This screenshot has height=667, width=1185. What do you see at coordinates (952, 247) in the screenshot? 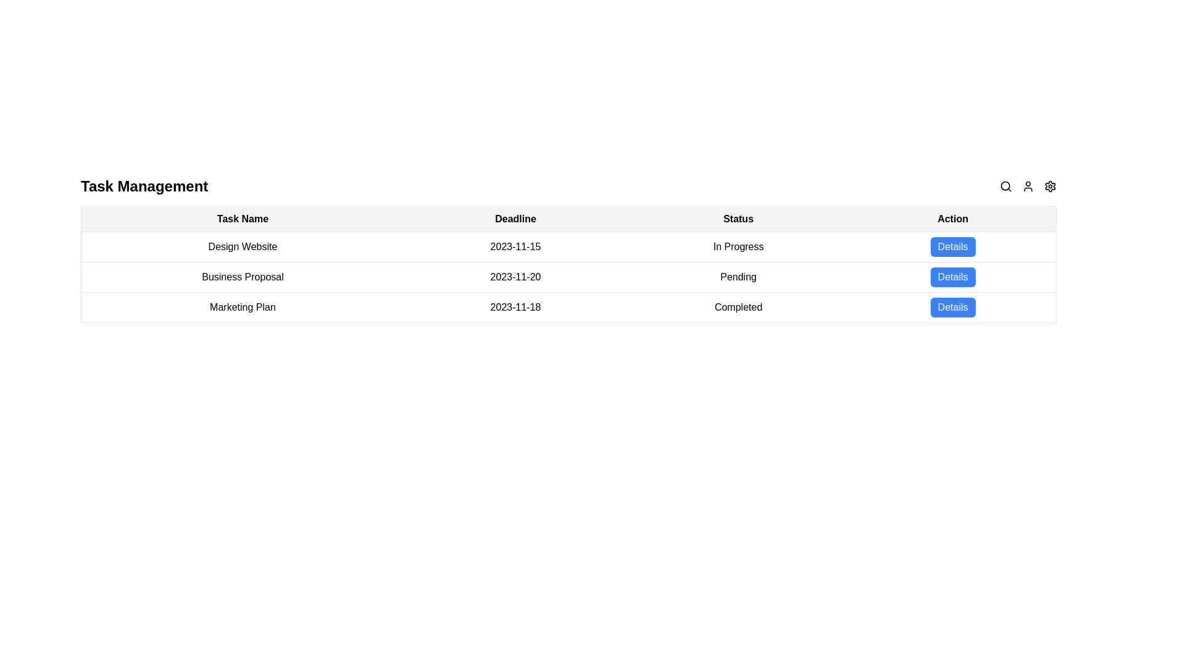
I see `the blue button labeled 'Details' in the 'Action' column of the 'Design Website' task entry` at bounding box center [952, 247].